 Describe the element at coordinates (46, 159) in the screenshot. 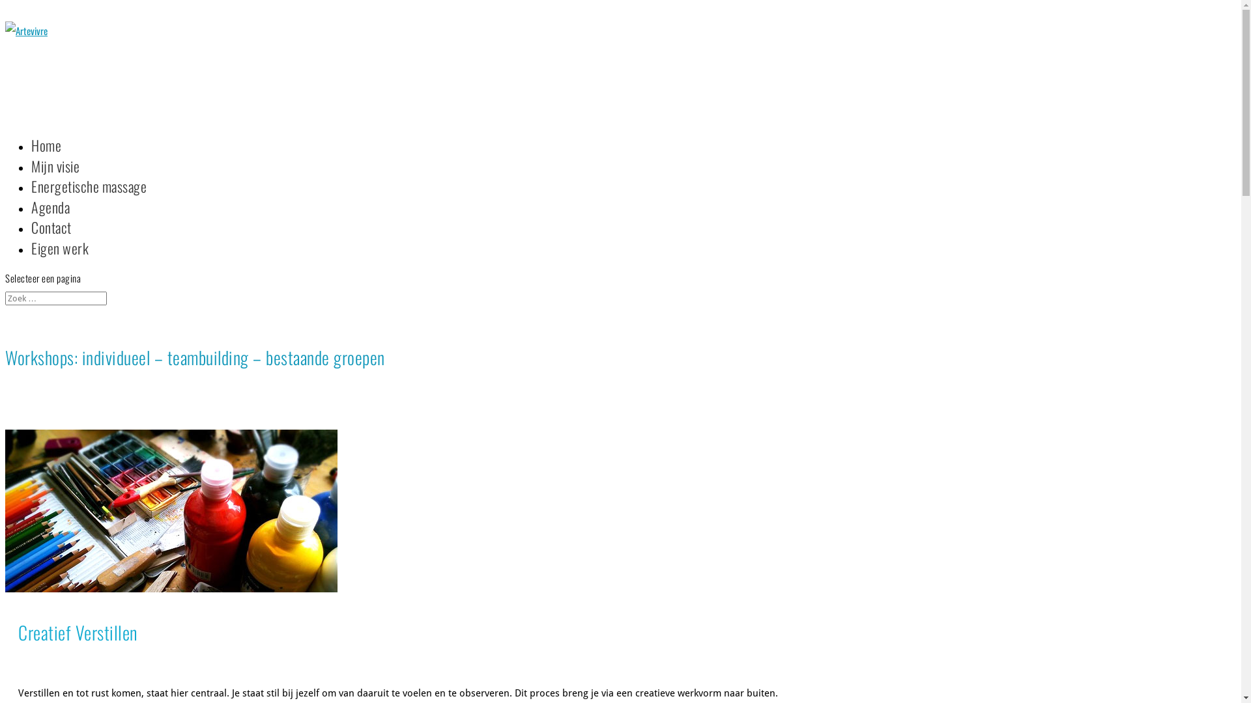

I see `'Home'` at that location.